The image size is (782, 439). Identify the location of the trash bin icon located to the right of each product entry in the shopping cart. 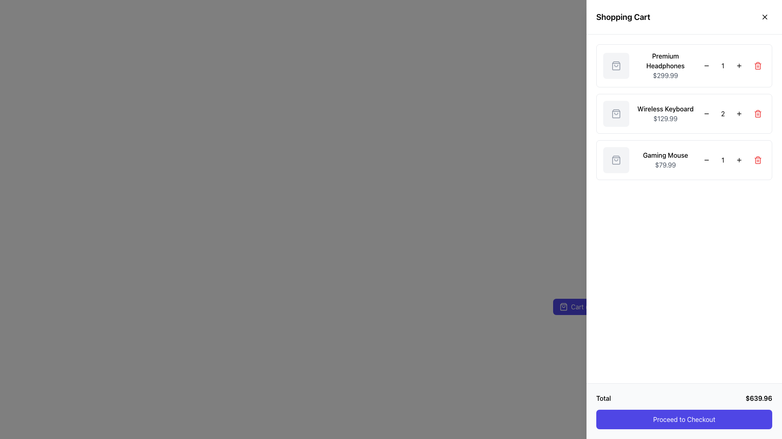
(758, 114).